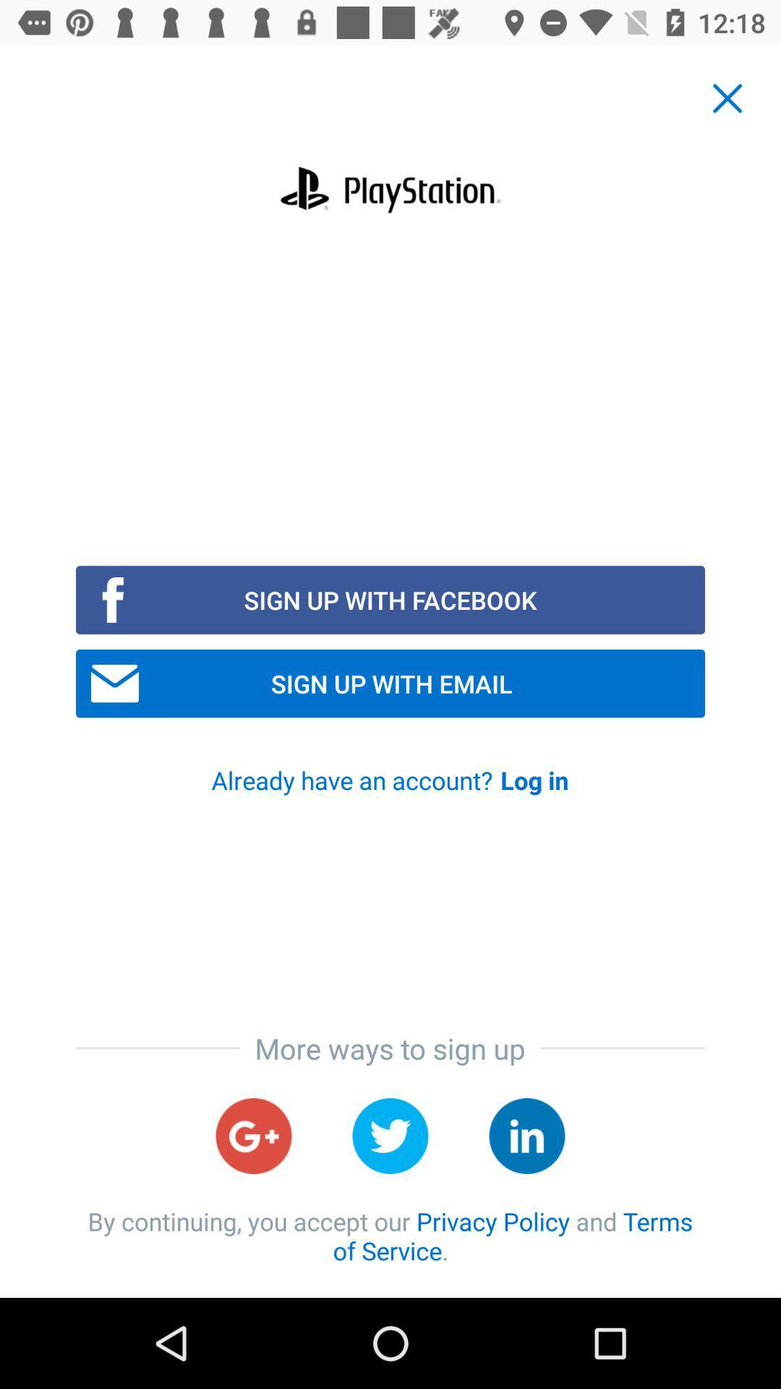  Describe the element at coordinates (727, 98) in the screenshot. I see `the close icon` at that location.